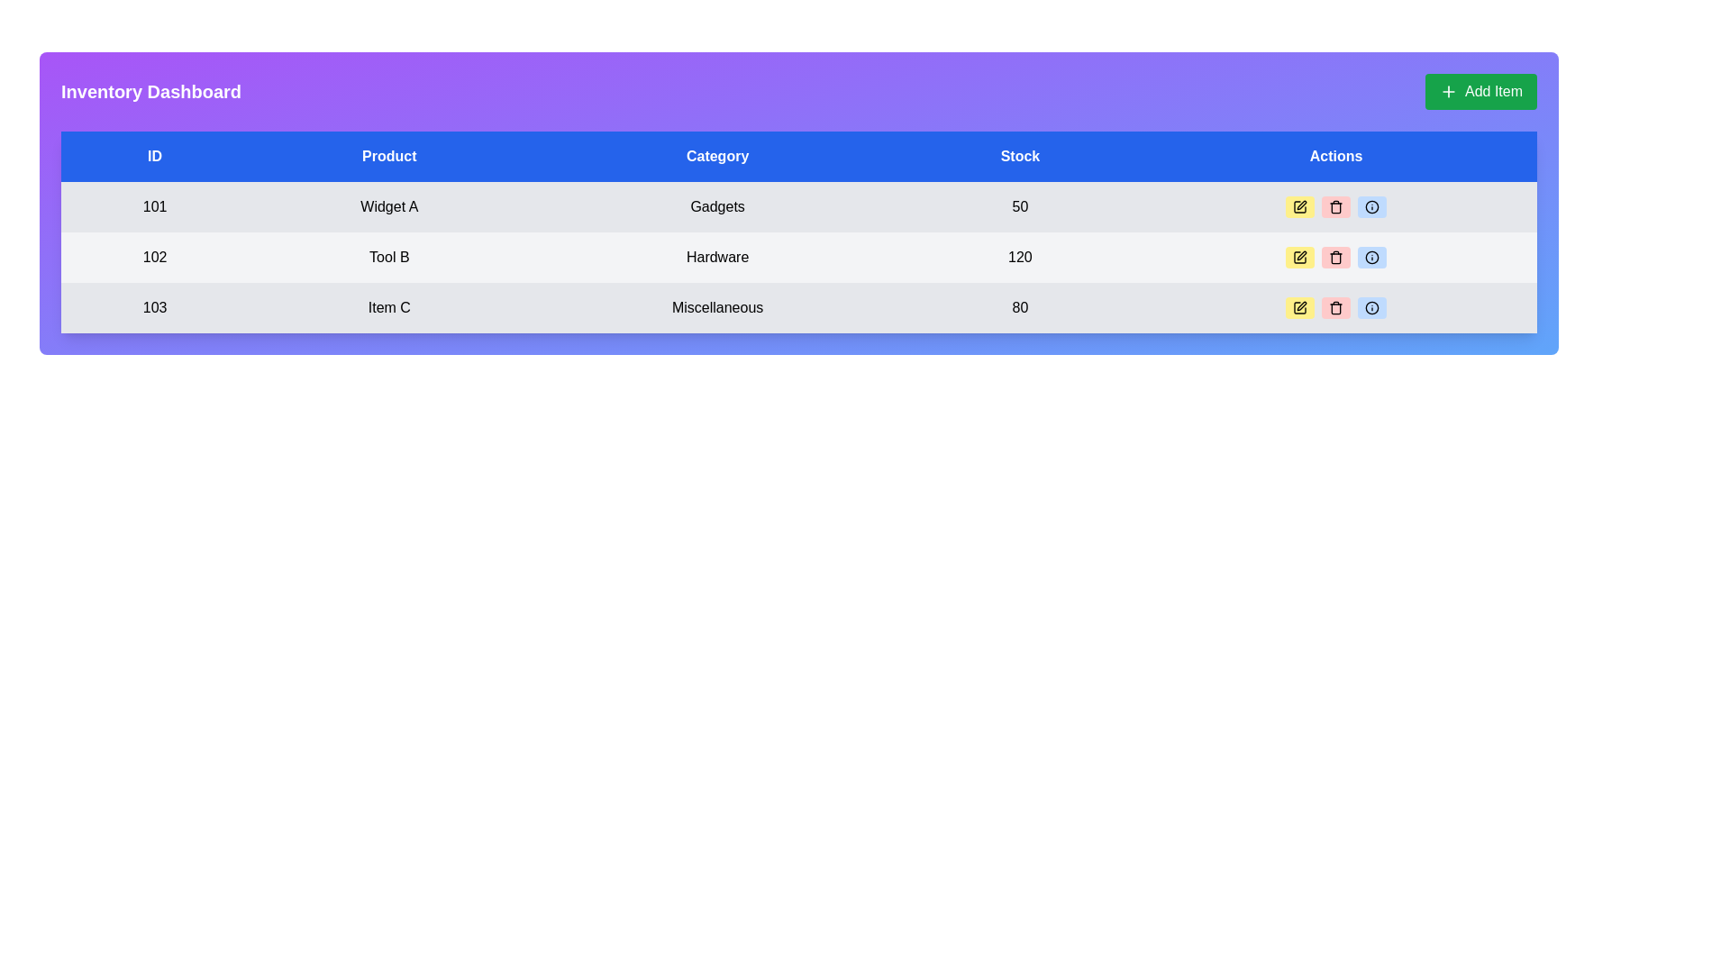  Describe the element at coordinates (1336, 307) in the screenshot. I see `the trash icon button representing a delete action in the 'Actions' column of the third row of the inventory table` at that location.